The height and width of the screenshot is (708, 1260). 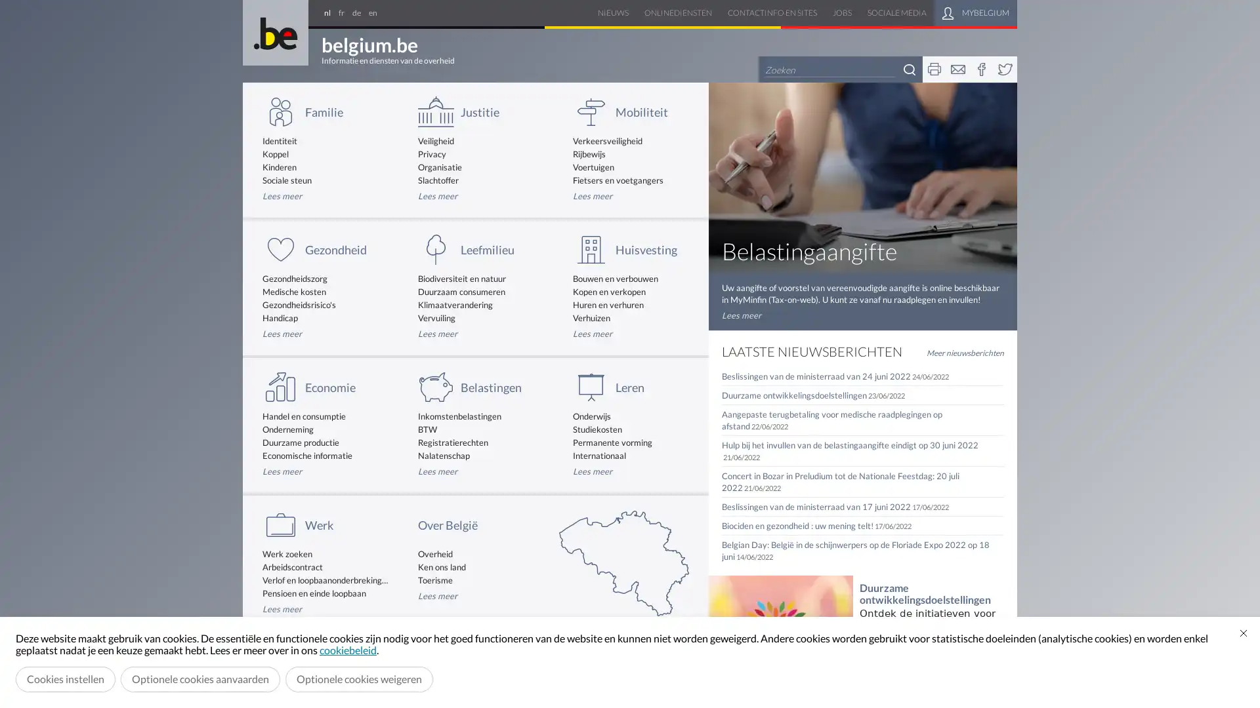 I want to click on Sluiten, so click(x=1243, y=632).